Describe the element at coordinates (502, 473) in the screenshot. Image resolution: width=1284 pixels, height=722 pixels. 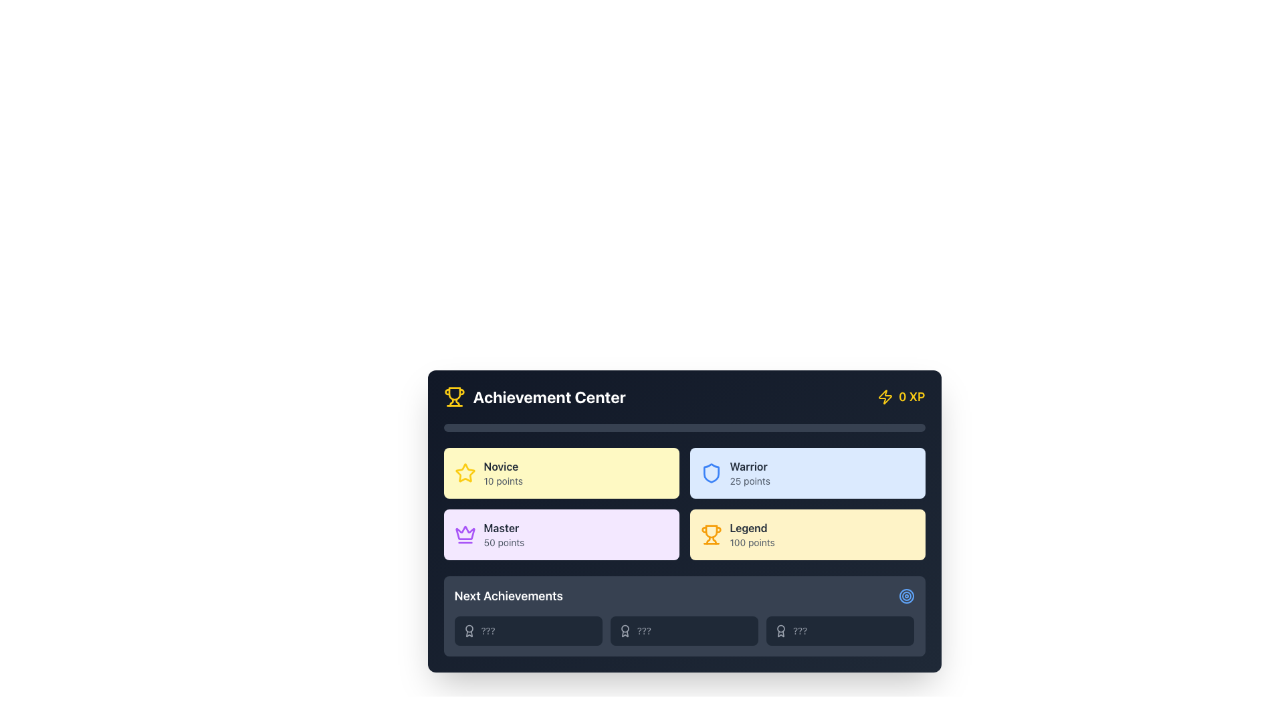
I see `text content of the text block that displays 'Novice' and '10 points', which is located in the top-left position of the grid layout in the 'Achievement Center' section` at that location.